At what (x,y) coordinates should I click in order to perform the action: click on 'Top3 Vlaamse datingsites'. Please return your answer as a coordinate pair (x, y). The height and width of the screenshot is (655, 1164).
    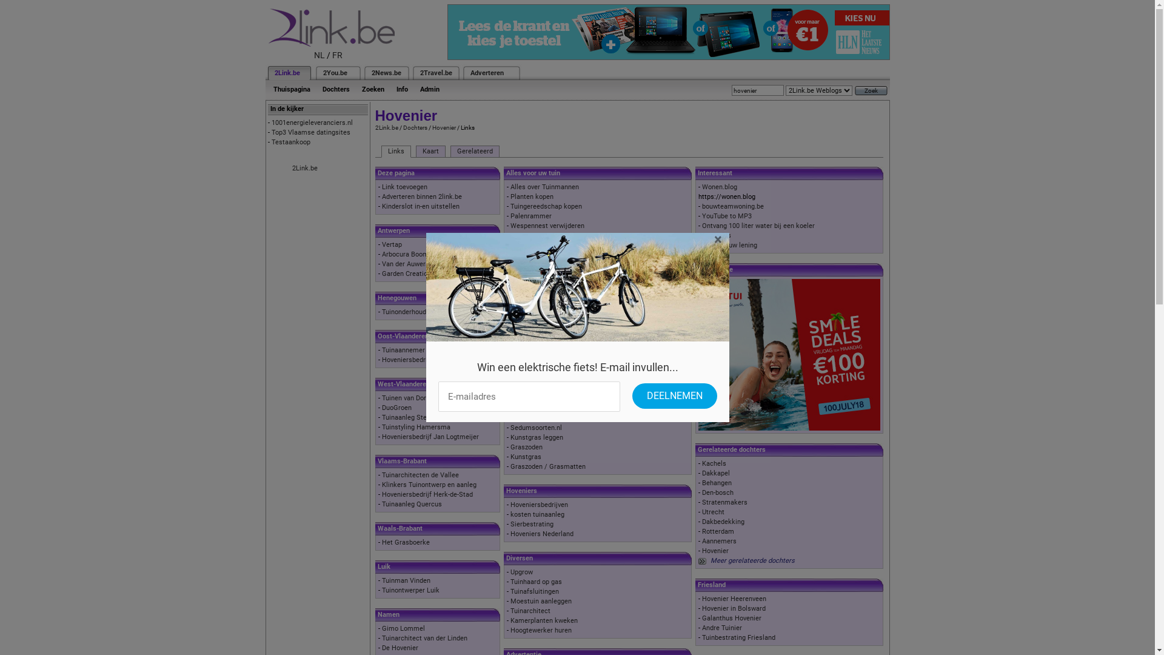
    Looking at the image, I should click on (311, 132).